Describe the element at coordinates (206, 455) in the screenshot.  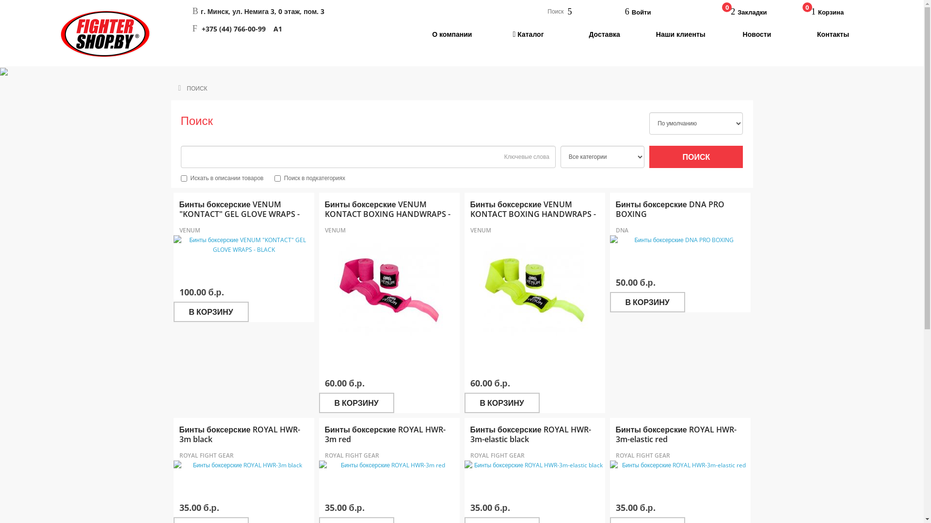
I see `'ROYAL FIGHT GEAR'` at that location.